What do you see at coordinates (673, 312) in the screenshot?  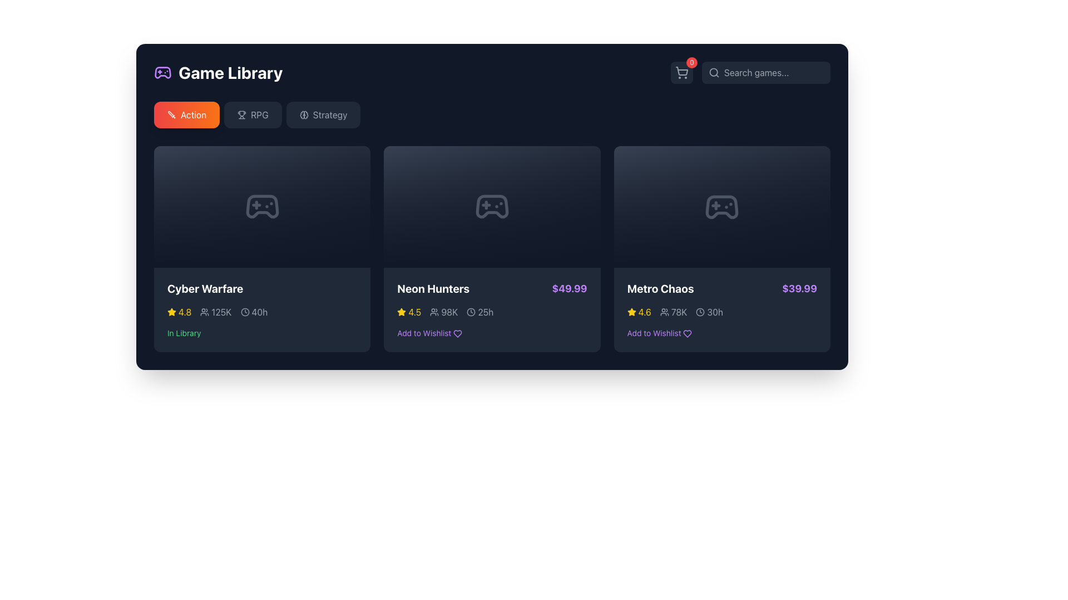 I see `displayed text from the Statistical text indicator for the 'Metro Chaos' game, positioned second in the middle row below the rating stars` at bounding box center [673, 312].